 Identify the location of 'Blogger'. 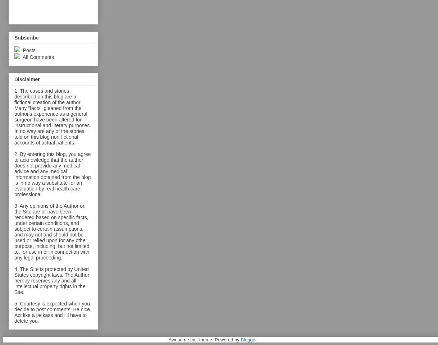
(240, 339).